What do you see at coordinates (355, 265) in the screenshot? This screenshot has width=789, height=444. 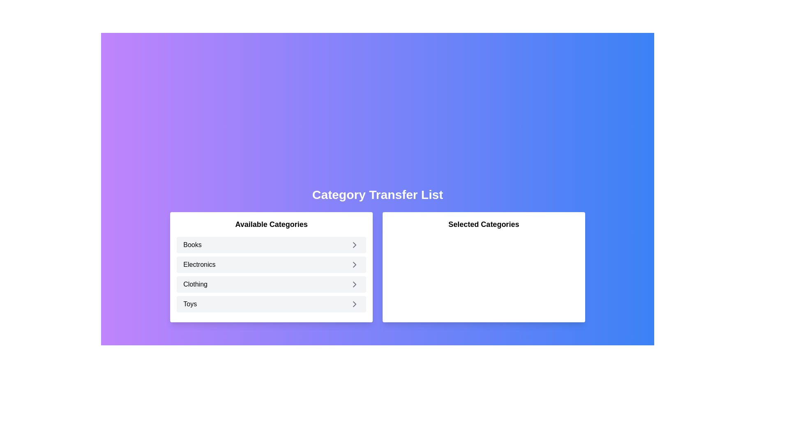 I see `the arrow icon next to the category Electronics to select it` at bounding box center [355, 265].